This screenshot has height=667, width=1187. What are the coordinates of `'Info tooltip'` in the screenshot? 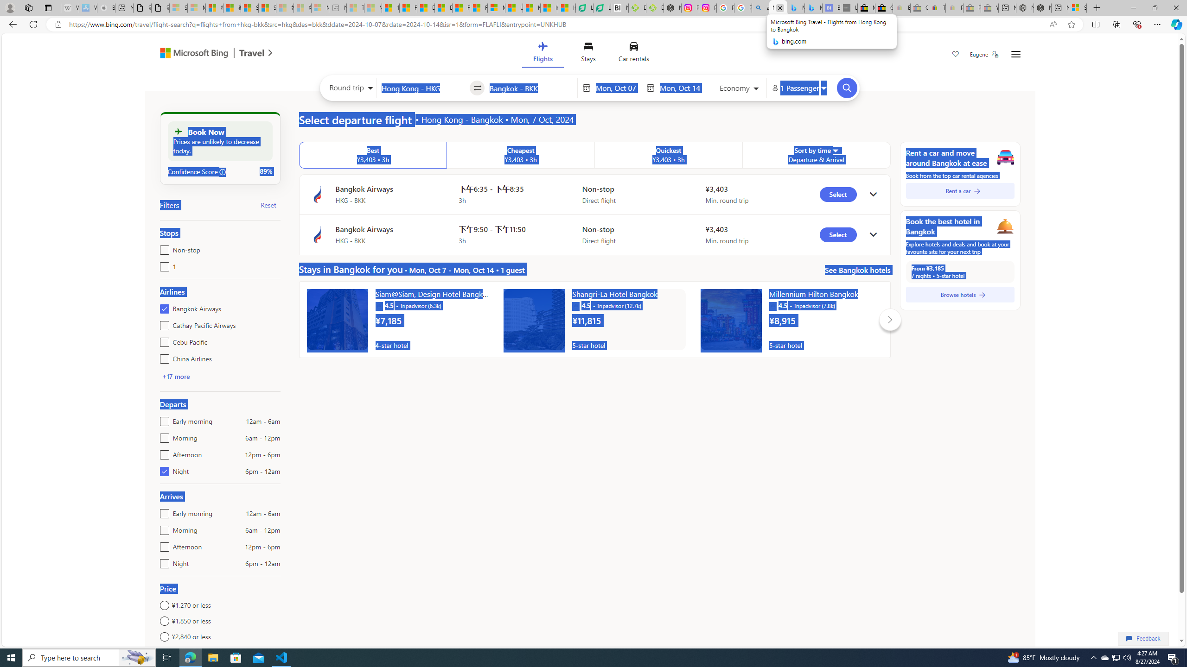 It's located at (223, 172).